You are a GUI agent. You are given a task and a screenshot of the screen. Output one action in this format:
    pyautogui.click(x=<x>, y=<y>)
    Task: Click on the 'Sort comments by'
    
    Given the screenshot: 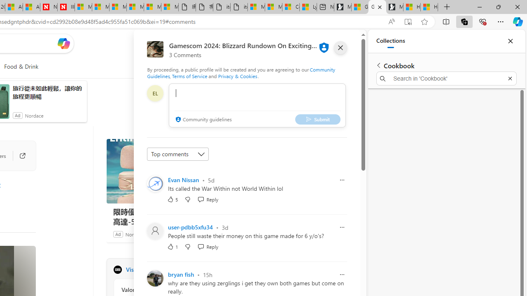 What is the action you would take?
    pyautogui.click(x=177, y=154)
    